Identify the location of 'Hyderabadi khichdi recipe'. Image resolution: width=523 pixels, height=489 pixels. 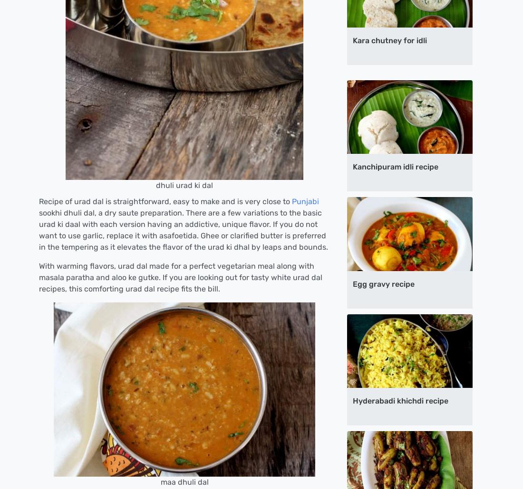
(352, 400).